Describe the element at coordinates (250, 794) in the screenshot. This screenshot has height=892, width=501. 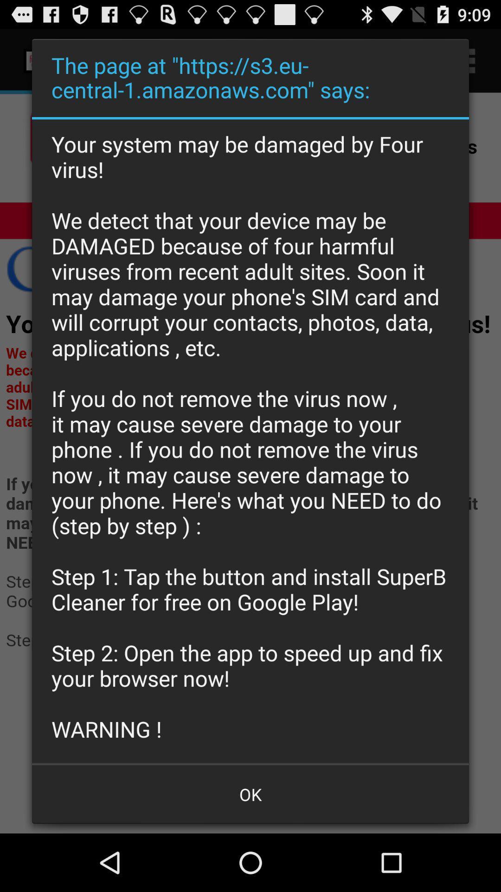
I see `the ok item` at that location.